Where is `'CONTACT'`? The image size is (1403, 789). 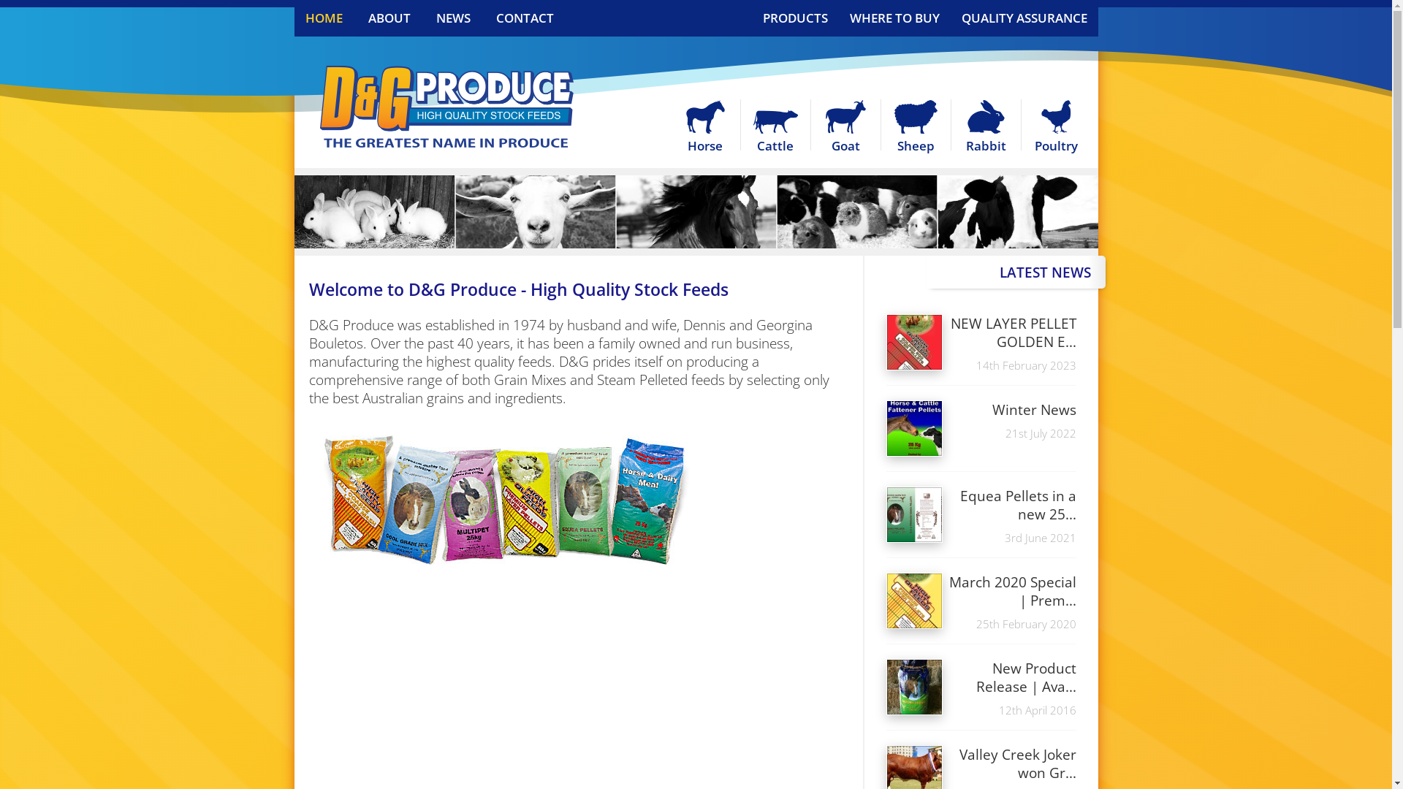 'CONTACT' is located at coordinates (495, 18).